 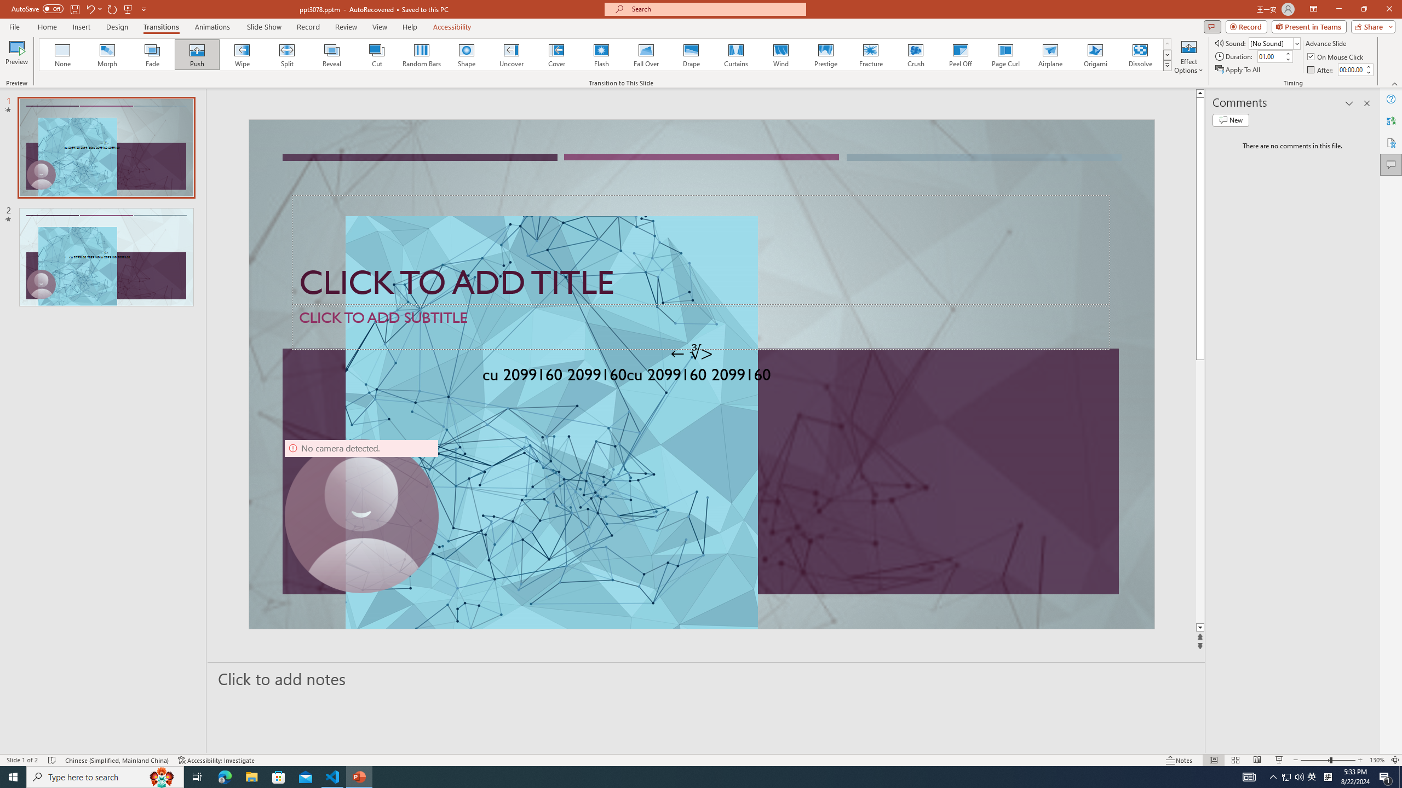 I want to click on 'Morph', so click(x=107, y=54).